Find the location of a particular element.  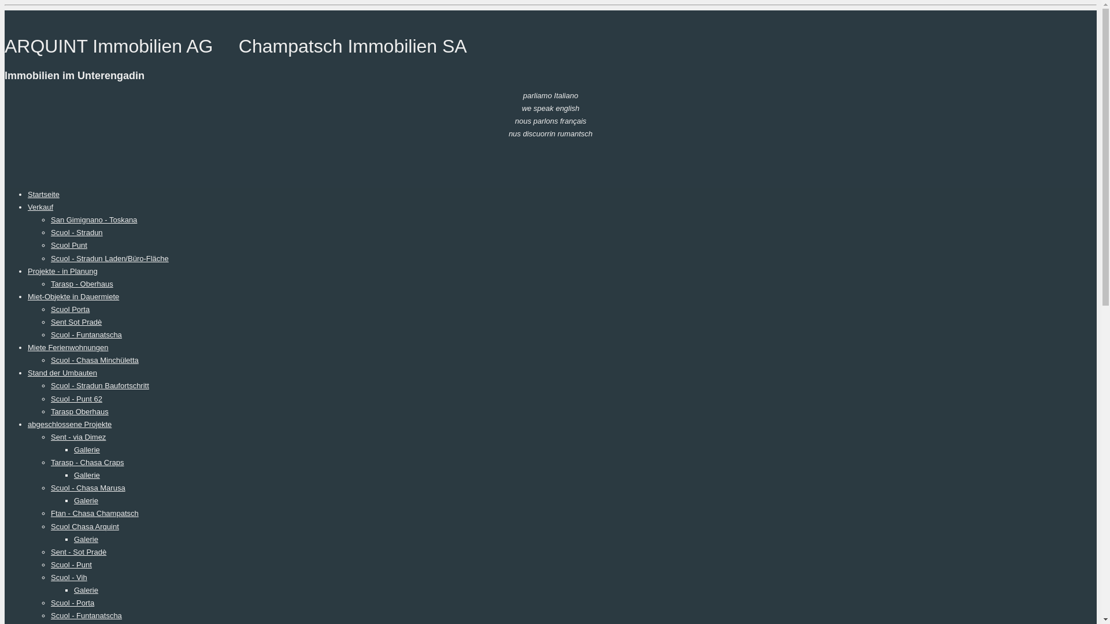

'Startseite' is located at coordinates (43, 194).